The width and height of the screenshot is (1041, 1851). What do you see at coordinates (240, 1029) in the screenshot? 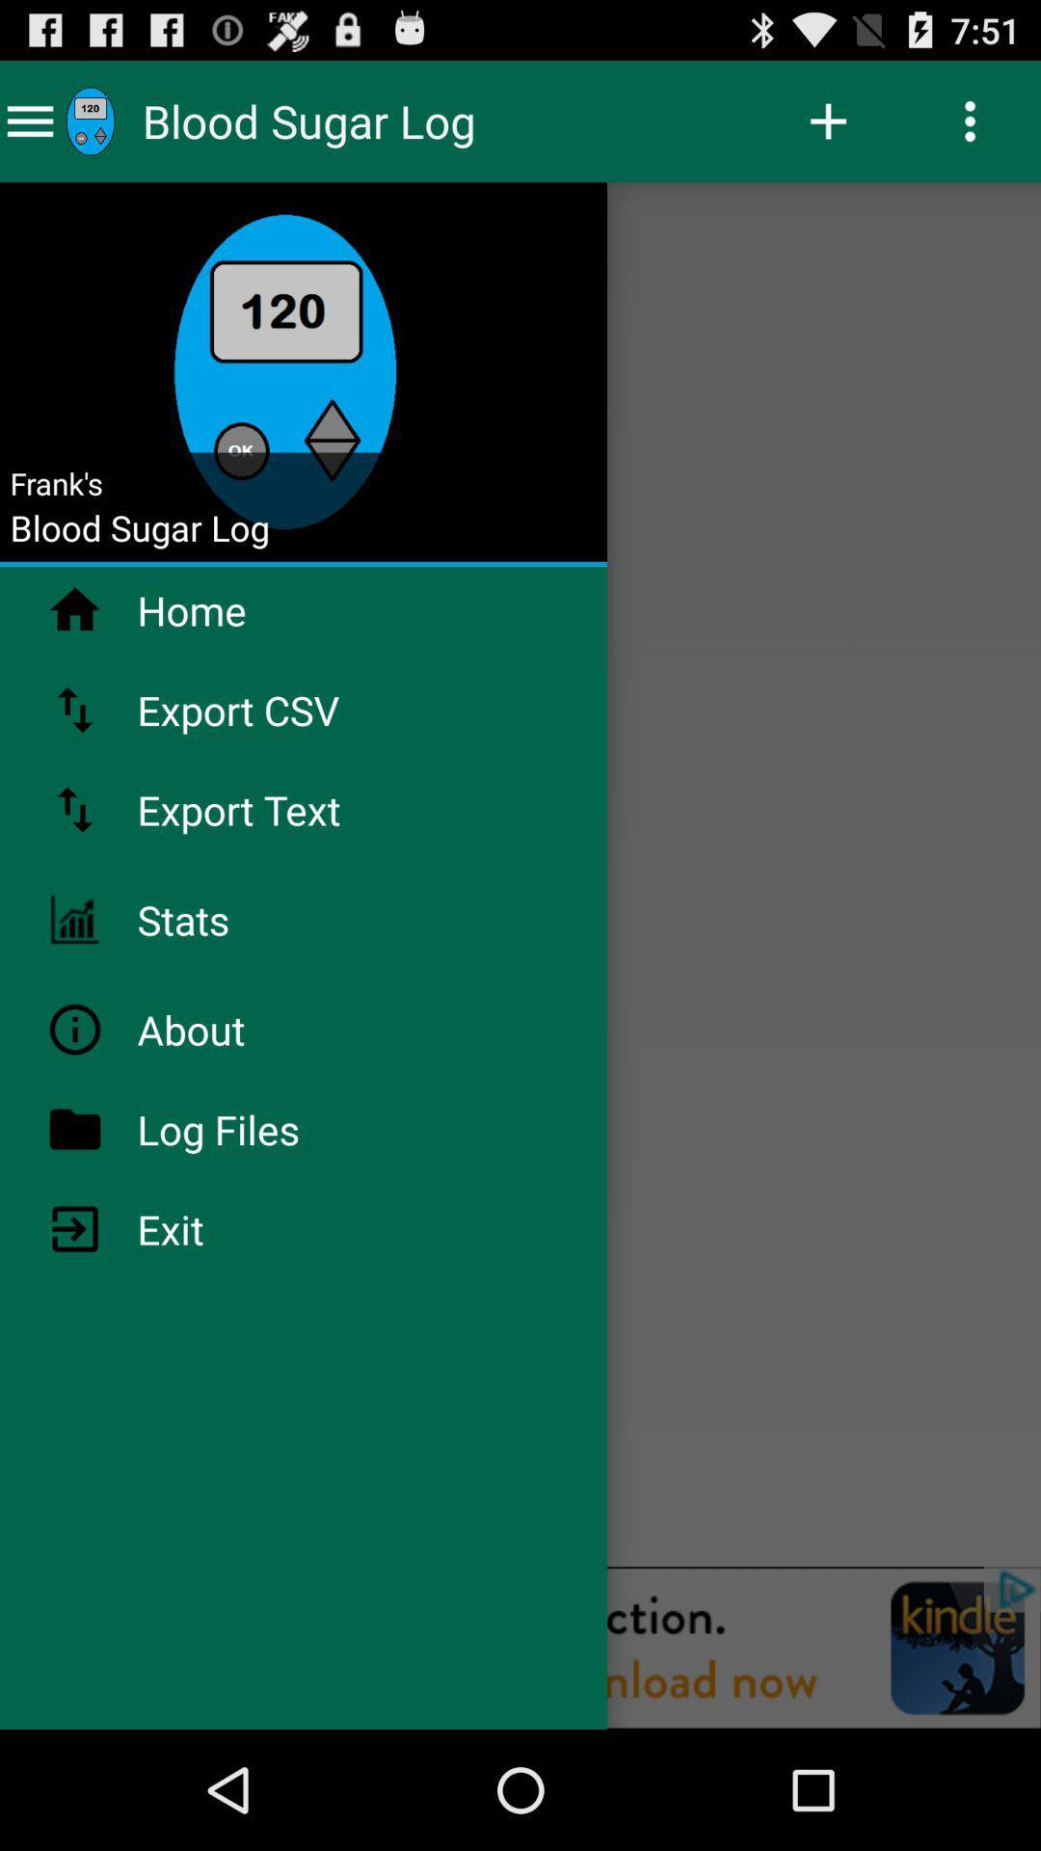
I see `about icon` at bounding box center [240, 1029].